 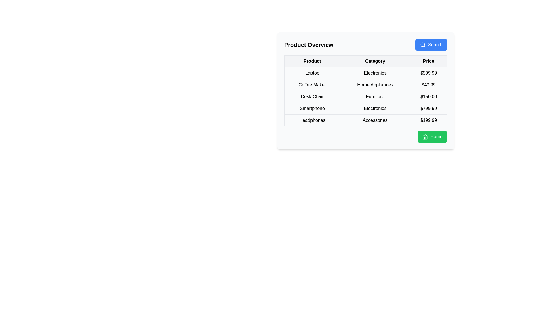 What do you see at coordinates (431, 44) in the screenshot?
I see `the search button located at the top-right corner of the 'Product Overview' card, which features a magnifying glass icon and text to initiate a search action` at bounding box center [431, 44].